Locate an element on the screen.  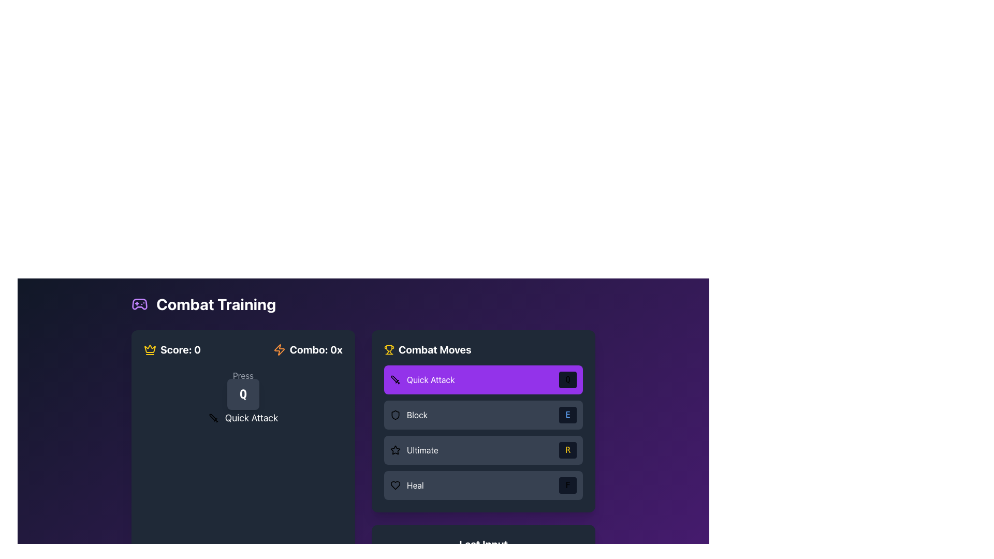
the yellow crown icon located at the top left section of the 'Score' label in the 'Combat Training' section is located at coordinates (149, 349).